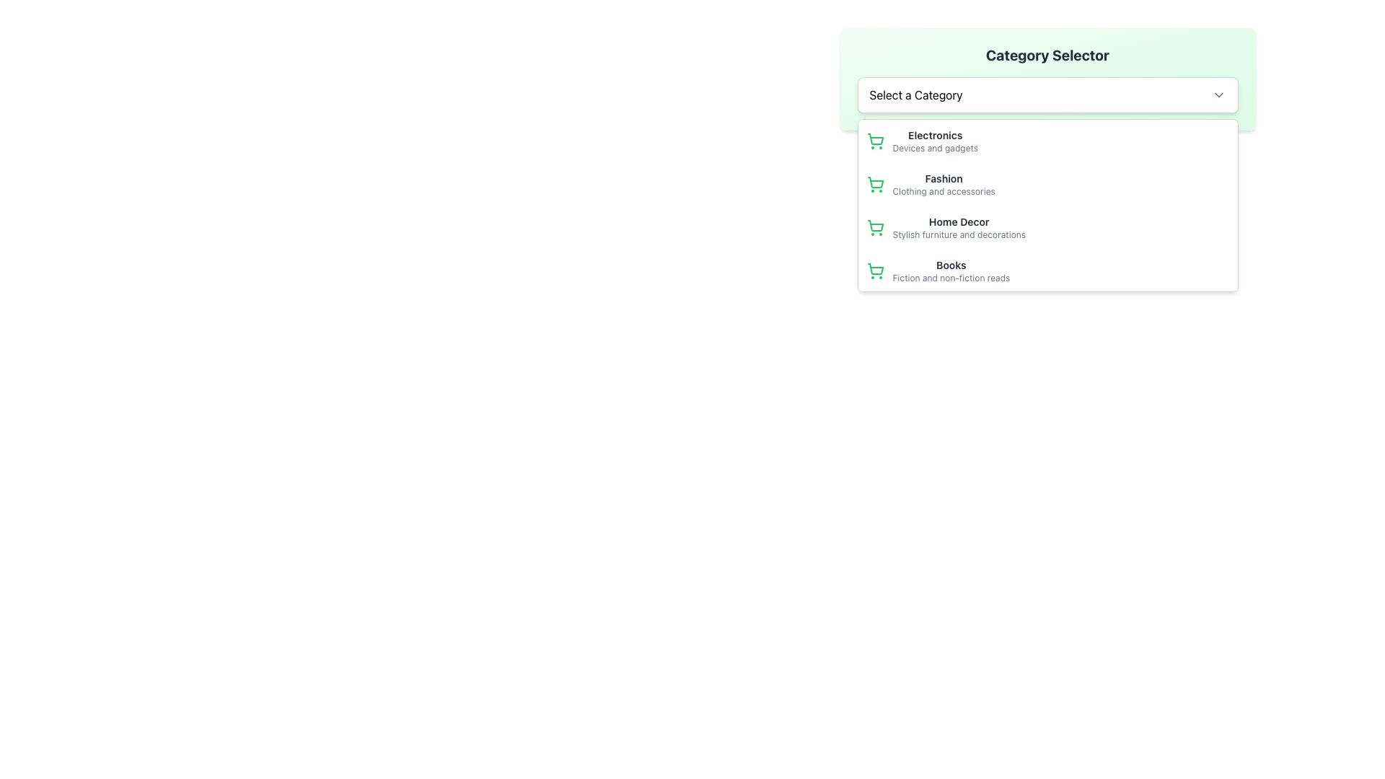  Describe the element at coordinates (935, 141) in the screenshot. I see `the 'Electronics' text label within the category selector dropdown` at that location.